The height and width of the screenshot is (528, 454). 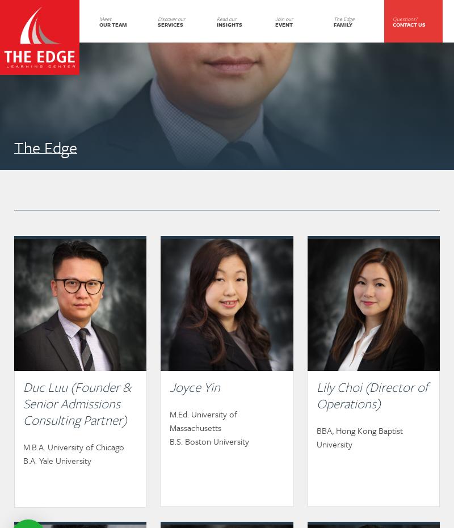 I want to click on 'Joyce Yin', so click(x=195, y=386).